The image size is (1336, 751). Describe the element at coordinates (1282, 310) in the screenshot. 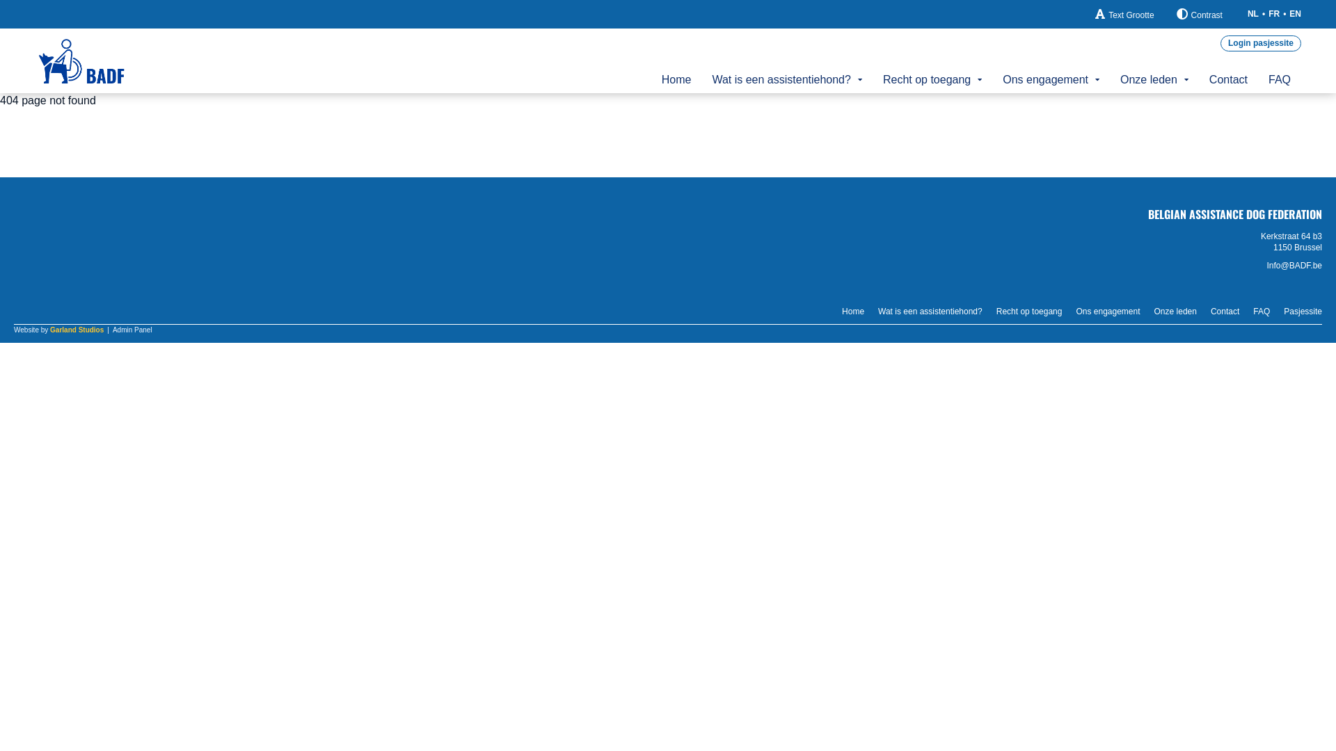

I see `'Pasjessite'` at that location.